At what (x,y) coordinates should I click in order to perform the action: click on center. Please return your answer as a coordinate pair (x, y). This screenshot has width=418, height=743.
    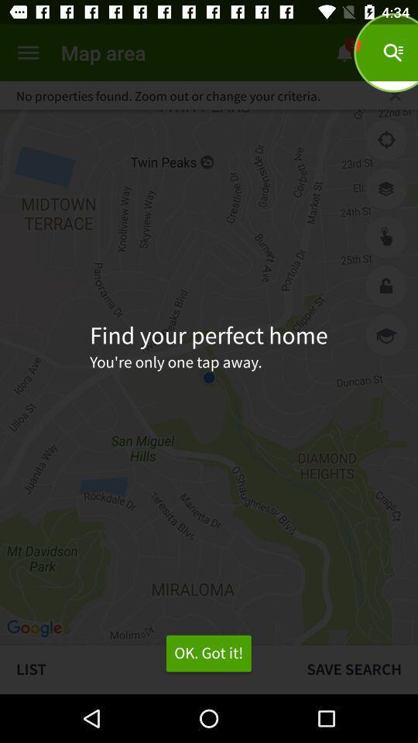
    Looking at the image, I should click on (385, 140).